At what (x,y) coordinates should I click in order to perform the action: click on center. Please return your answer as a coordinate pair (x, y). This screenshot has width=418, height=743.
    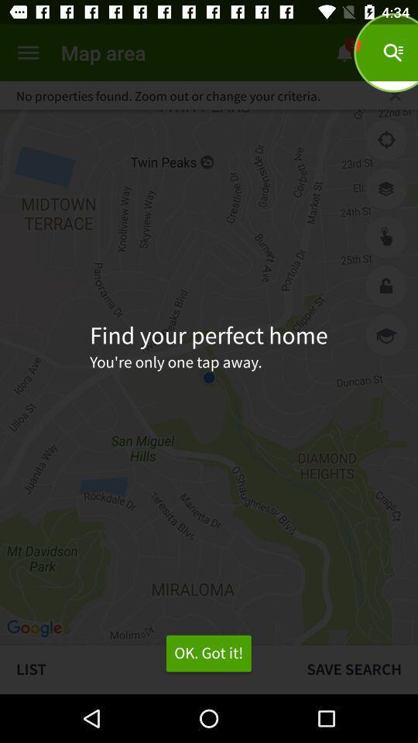
    Looking at the image, I should click on (385, 140).